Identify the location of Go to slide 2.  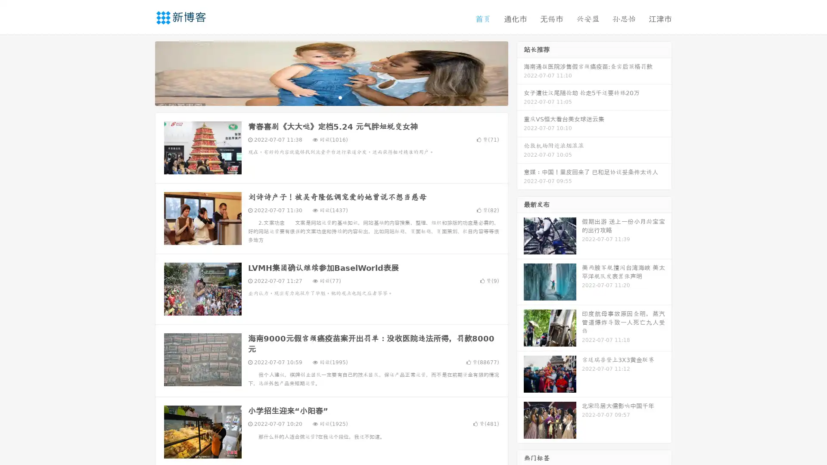
(331, 97).